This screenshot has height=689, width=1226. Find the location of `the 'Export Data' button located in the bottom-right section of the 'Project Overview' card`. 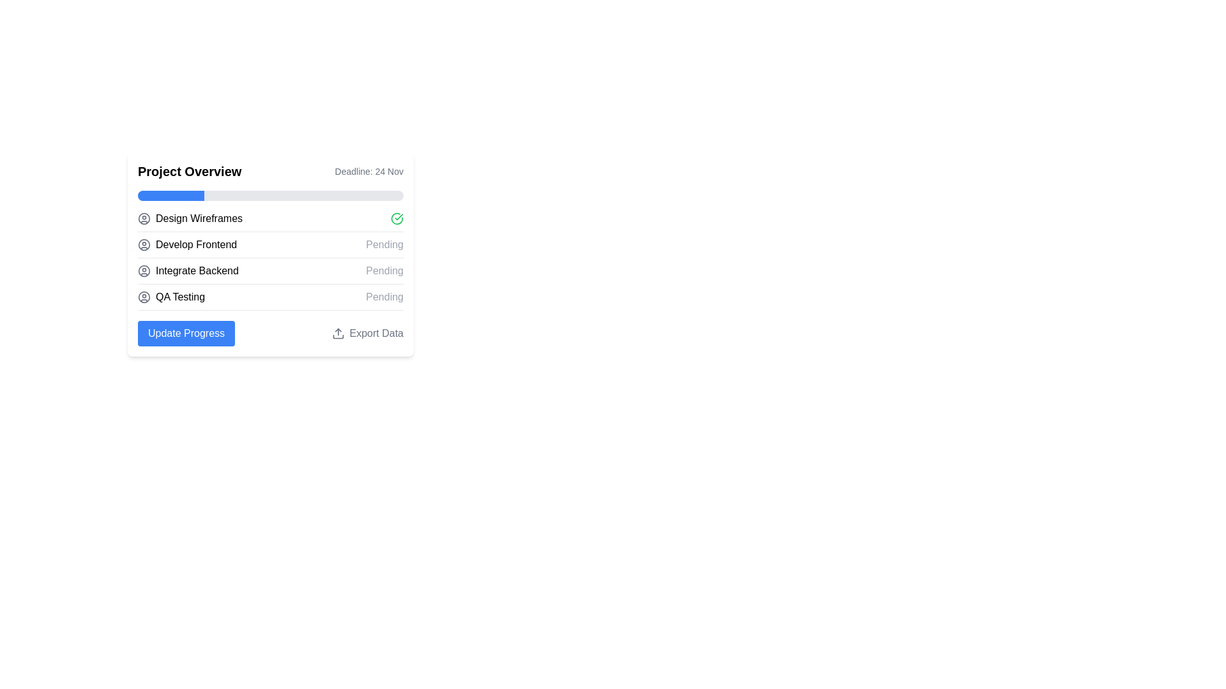

the 'Export Data' button located in the bottom-right section of the 'Project Overview' card is located at coordinates (338, 333).